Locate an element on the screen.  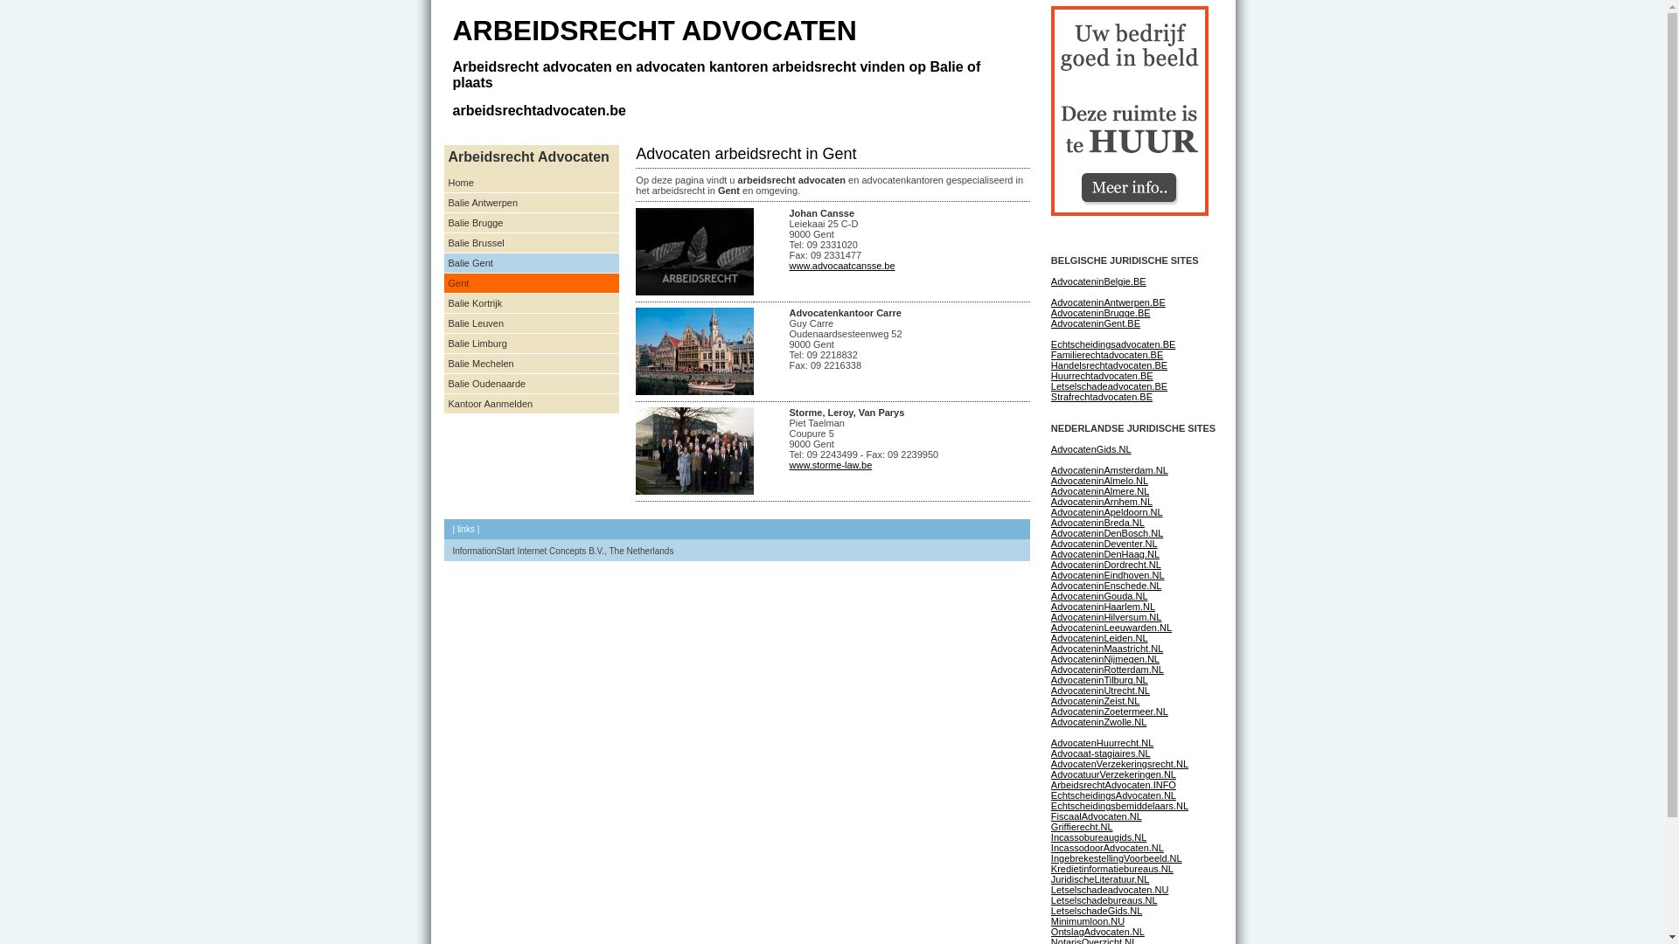
'Strafrechtadvocaten.BE' is located at coordinates (1100, 397).